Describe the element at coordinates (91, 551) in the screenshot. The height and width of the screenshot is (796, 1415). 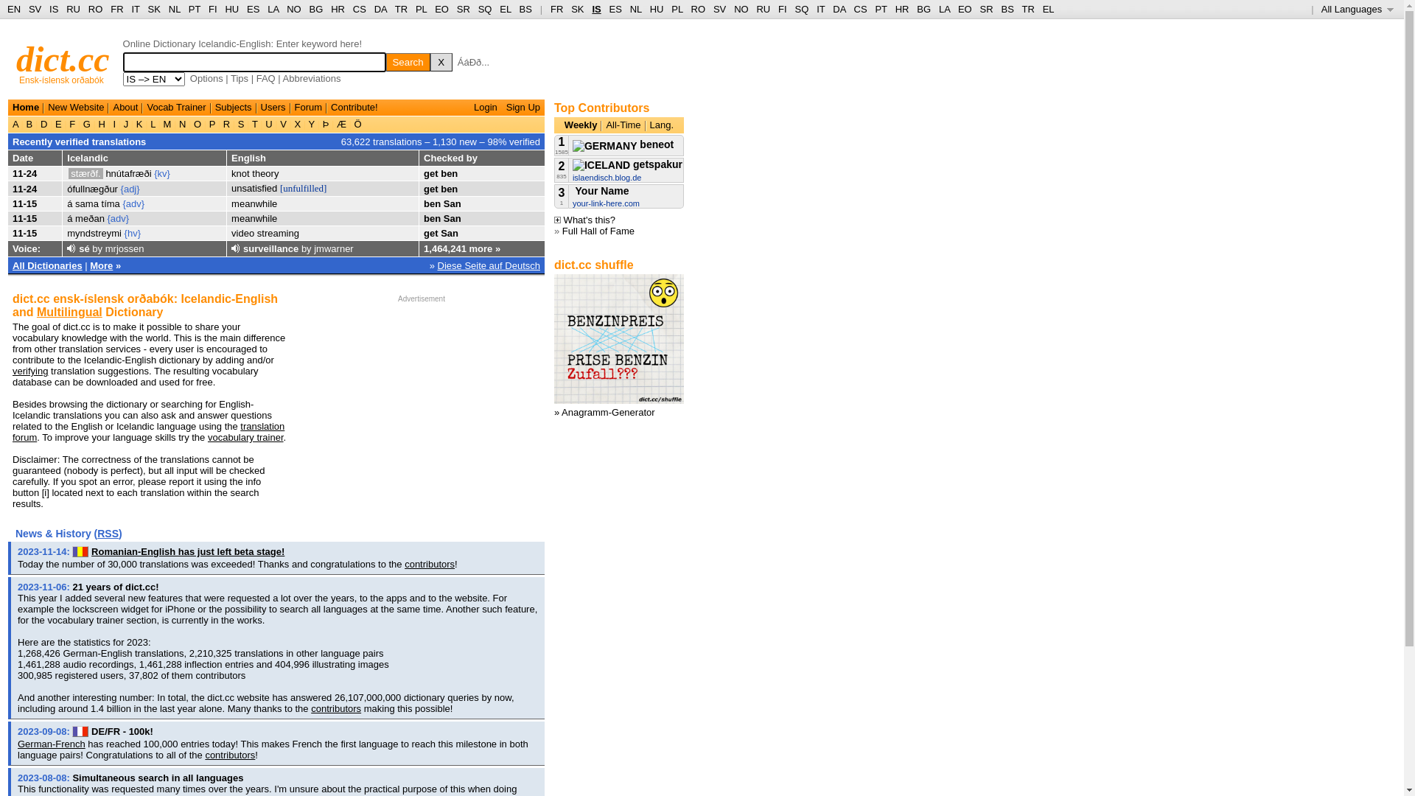
I see `'Romanian-English has just left beta stage!'` at that location.